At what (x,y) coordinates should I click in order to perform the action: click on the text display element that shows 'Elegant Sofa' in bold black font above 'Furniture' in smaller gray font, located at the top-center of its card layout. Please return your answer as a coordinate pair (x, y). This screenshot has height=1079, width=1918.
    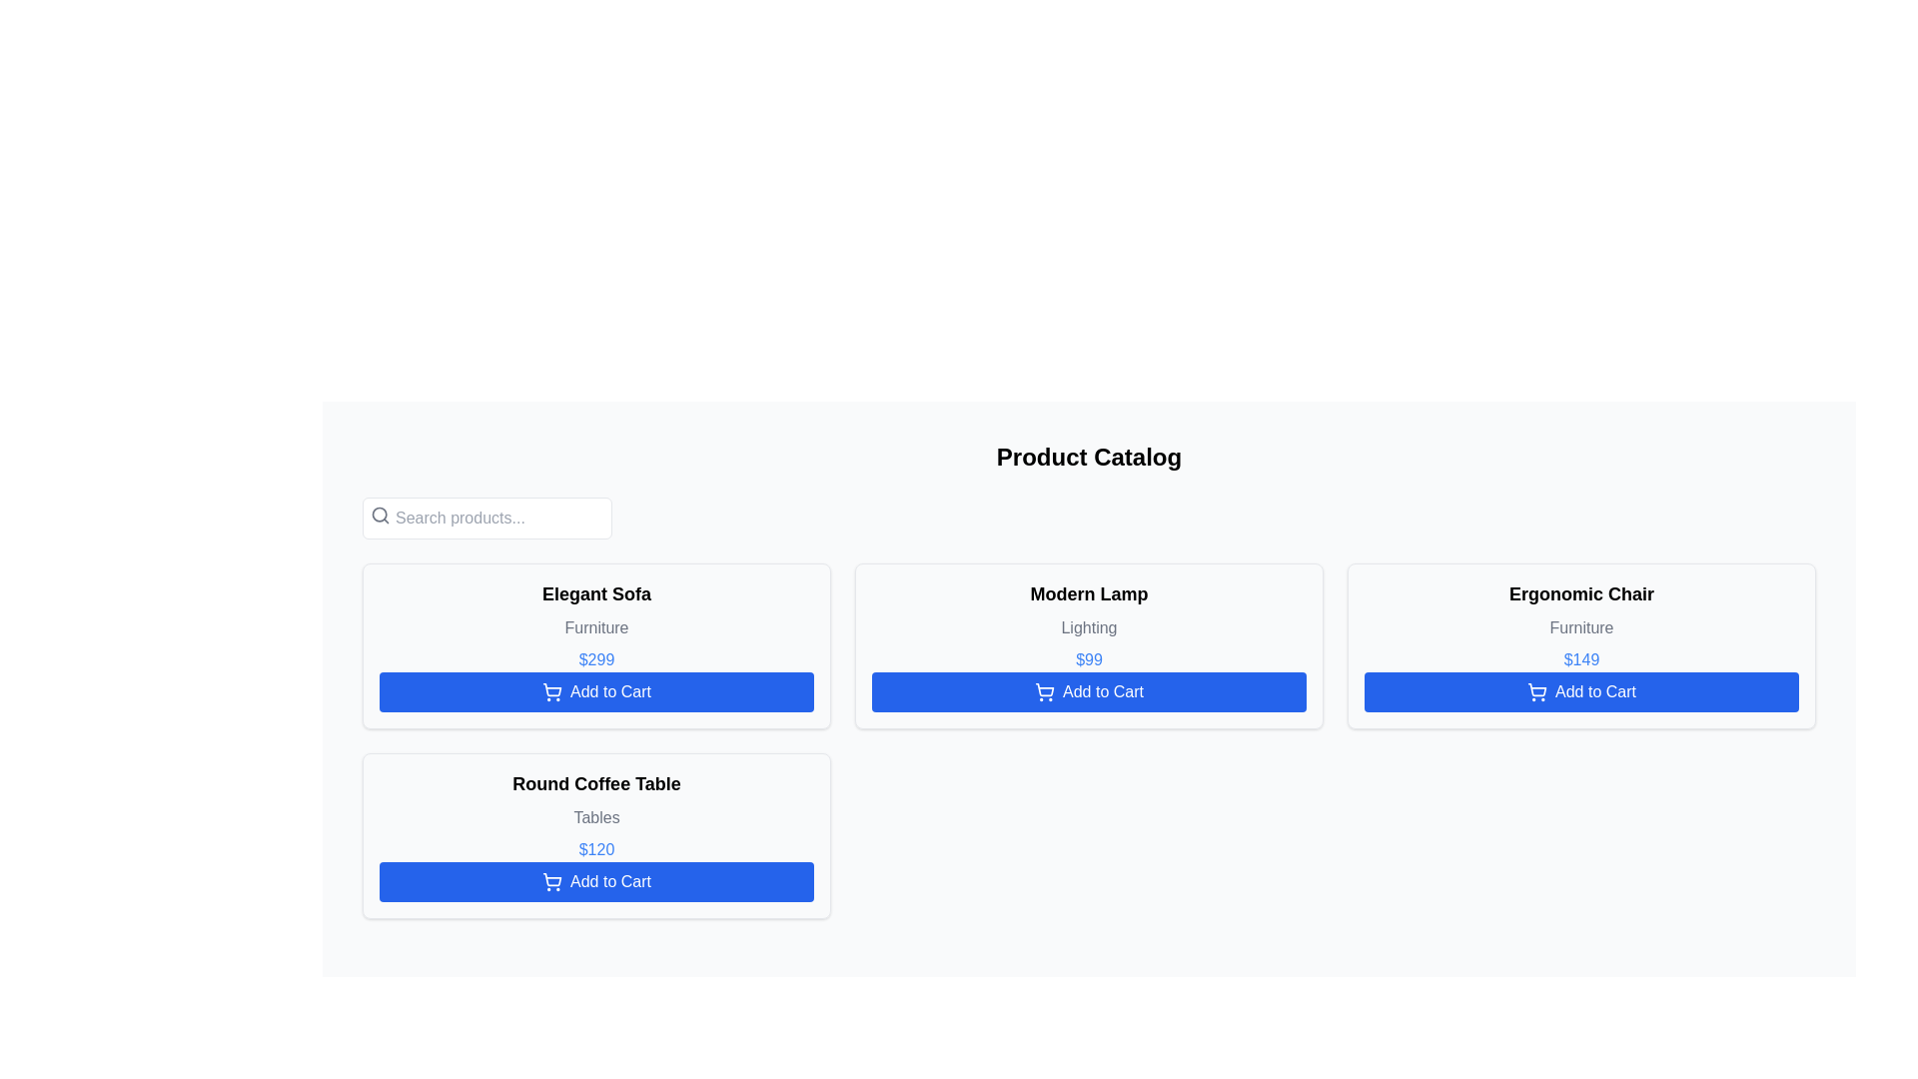
    Looking at the image, I should click on (595, 608).